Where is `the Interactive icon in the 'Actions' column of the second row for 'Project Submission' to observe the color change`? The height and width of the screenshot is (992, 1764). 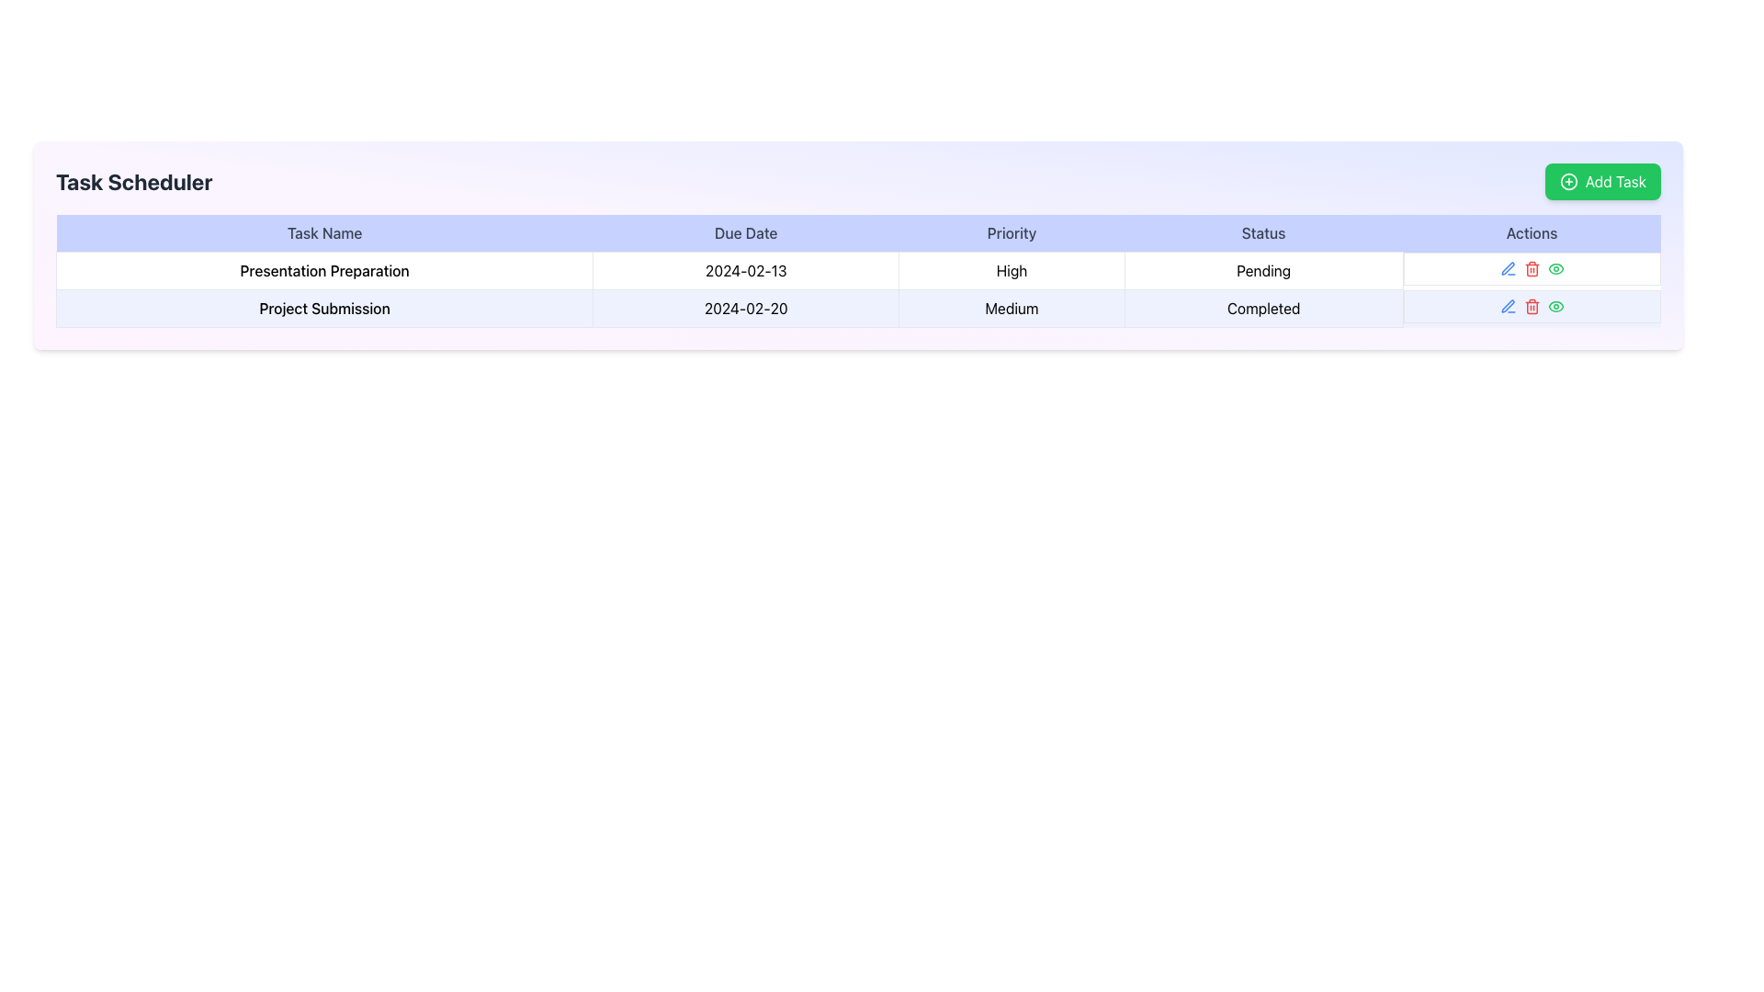
the Interactive icon in the 'Actions' column of the second row for 'Project Submission' to observe the color change is located at coordinates (1555, 268).